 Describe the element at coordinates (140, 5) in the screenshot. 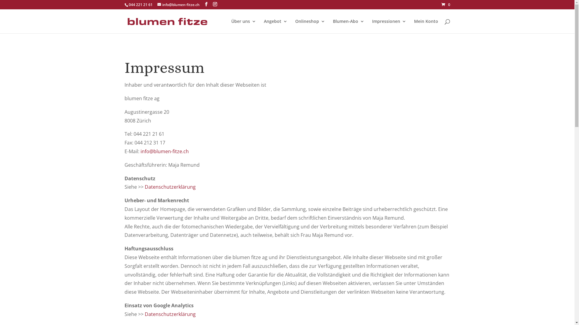

I see `'044 221 21 61'` at that location.